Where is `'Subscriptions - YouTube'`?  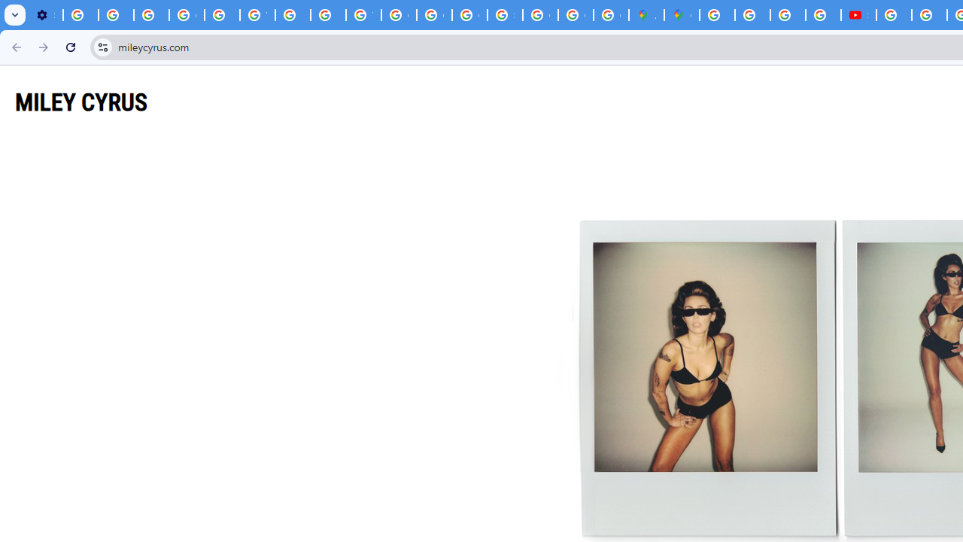
'Subscriptions - YouTube' is located at coordinates (858, 15).